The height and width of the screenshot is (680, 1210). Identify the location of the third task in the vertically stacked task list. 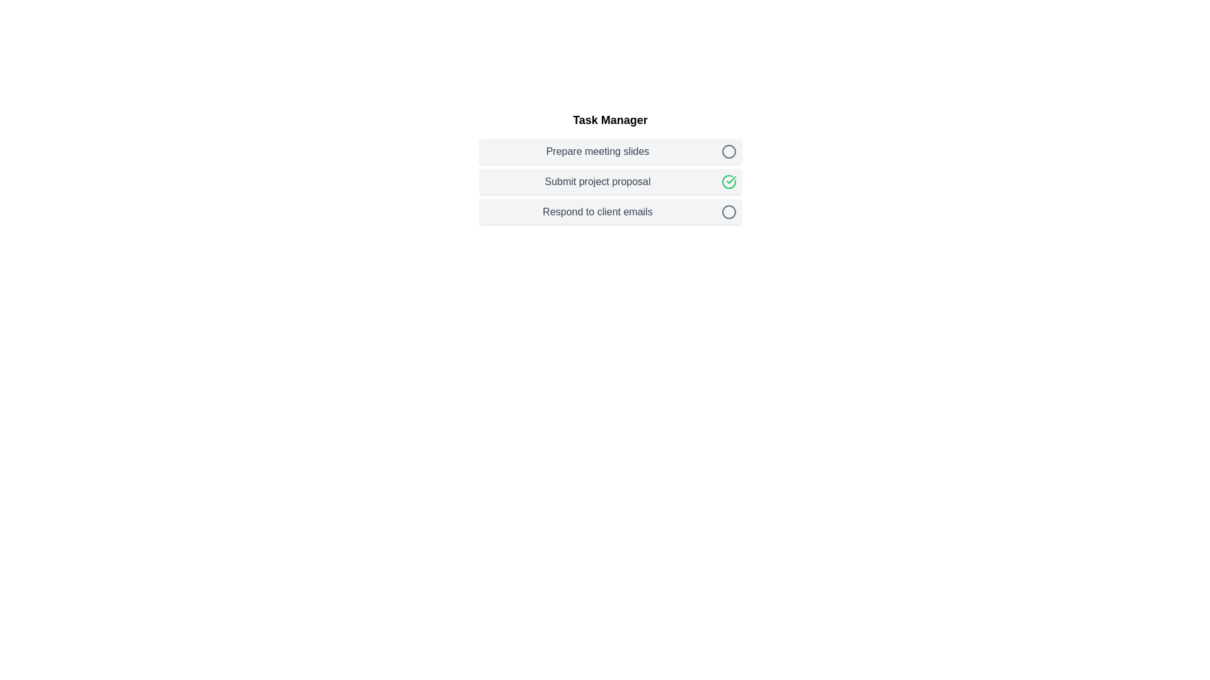
(610, 211).